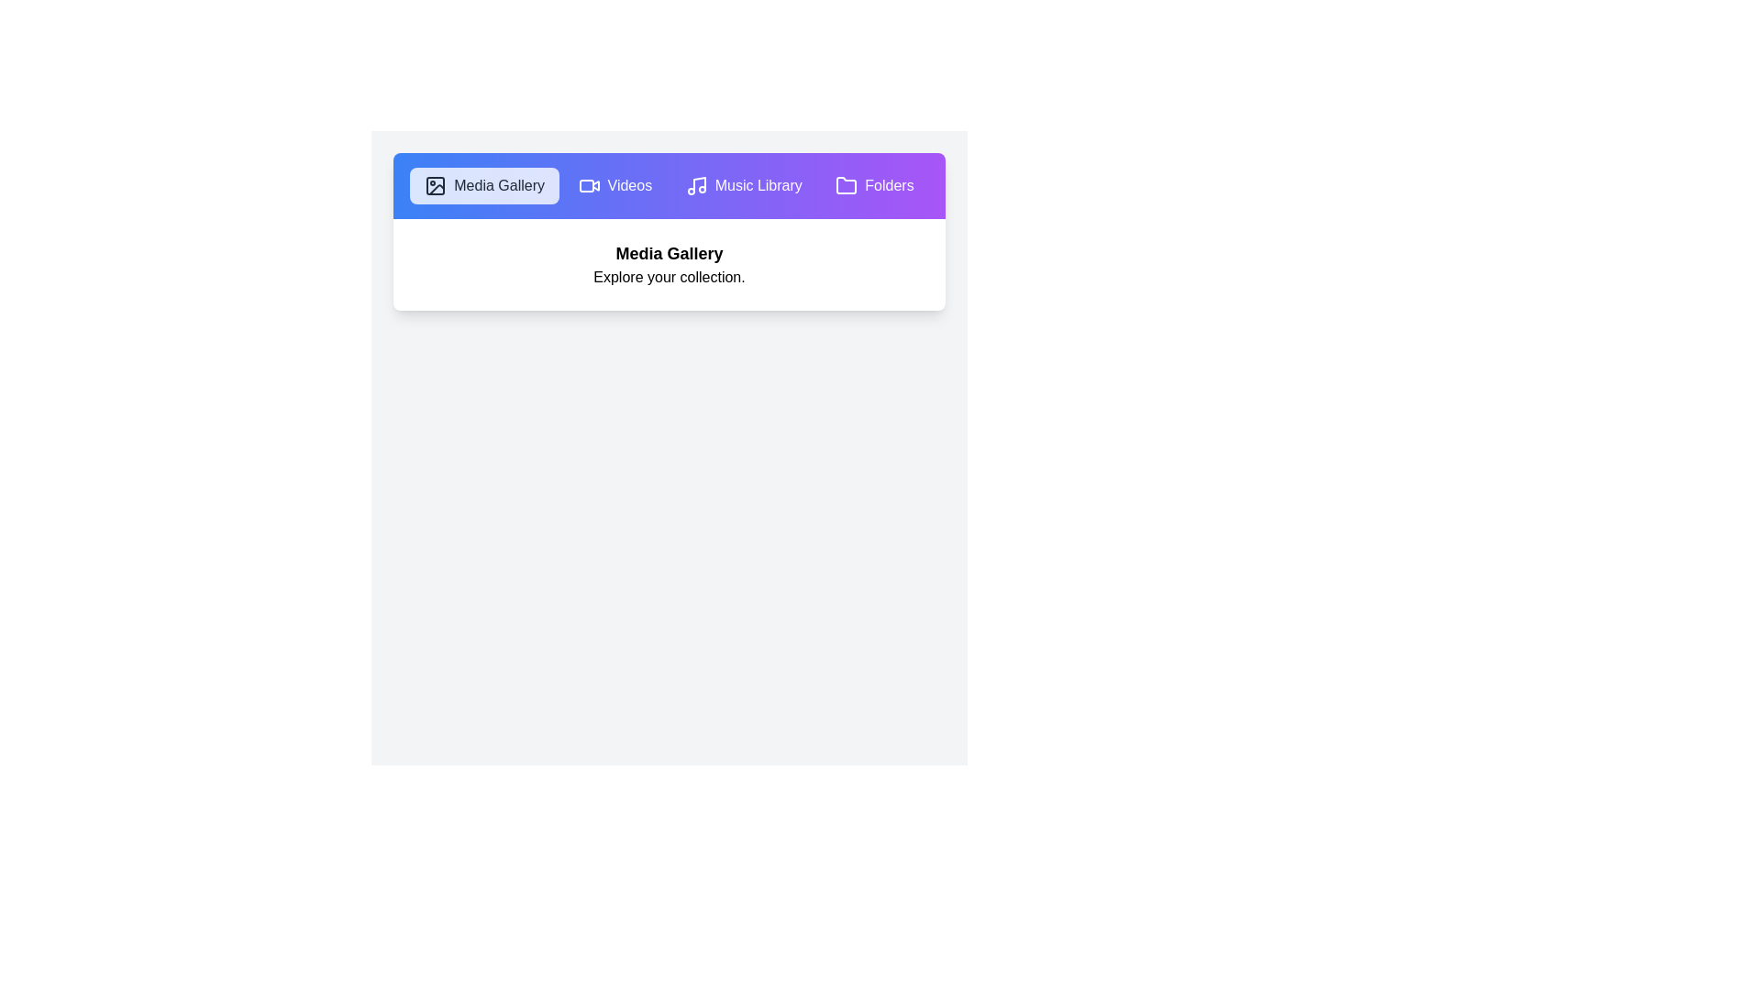  What do you see at coordinates (435, 186) in the screenshot?
I see `the small, square-shaped component with rounded corners that is part of the image icon on the leftmost position of the horizontal navigation bar` at bounding box center [435, 186].